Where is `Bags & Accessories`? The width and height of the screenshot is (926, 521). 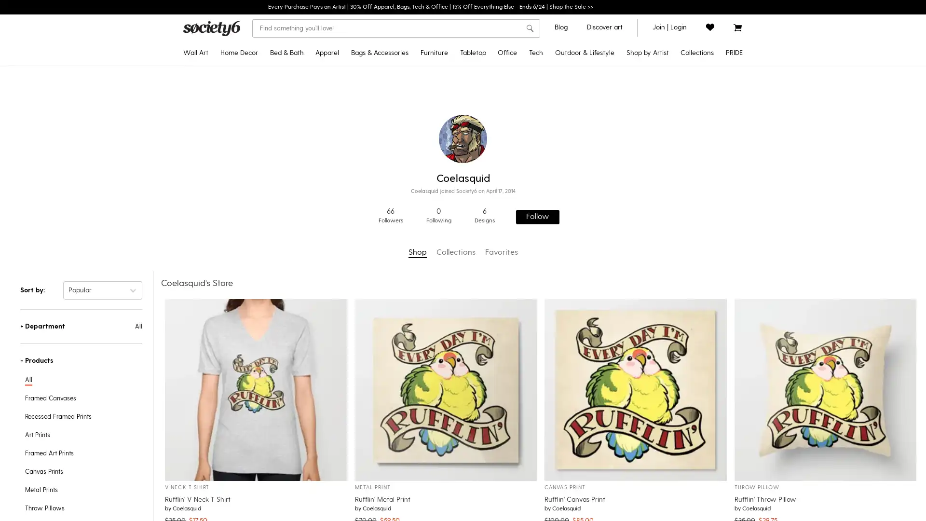 Bags & Accessories is located at coordinates (379, 53).